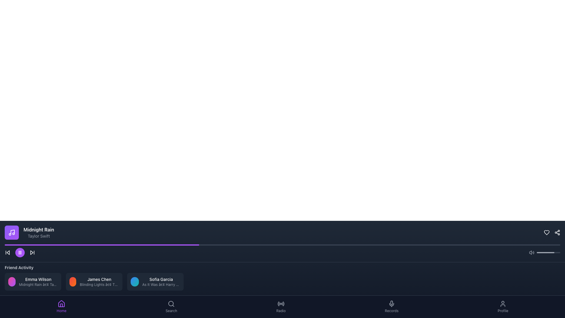 The width and height of the screenshot is (565, 318). I want to click on the progress bar, so click(365, 245).